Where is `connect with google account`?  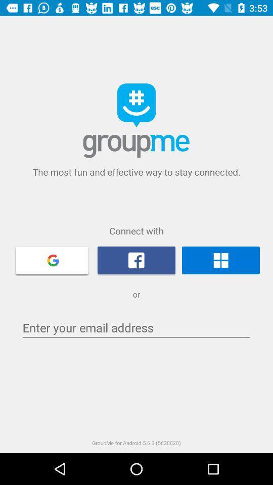
connect with google account is located at coordinates (52, 259).